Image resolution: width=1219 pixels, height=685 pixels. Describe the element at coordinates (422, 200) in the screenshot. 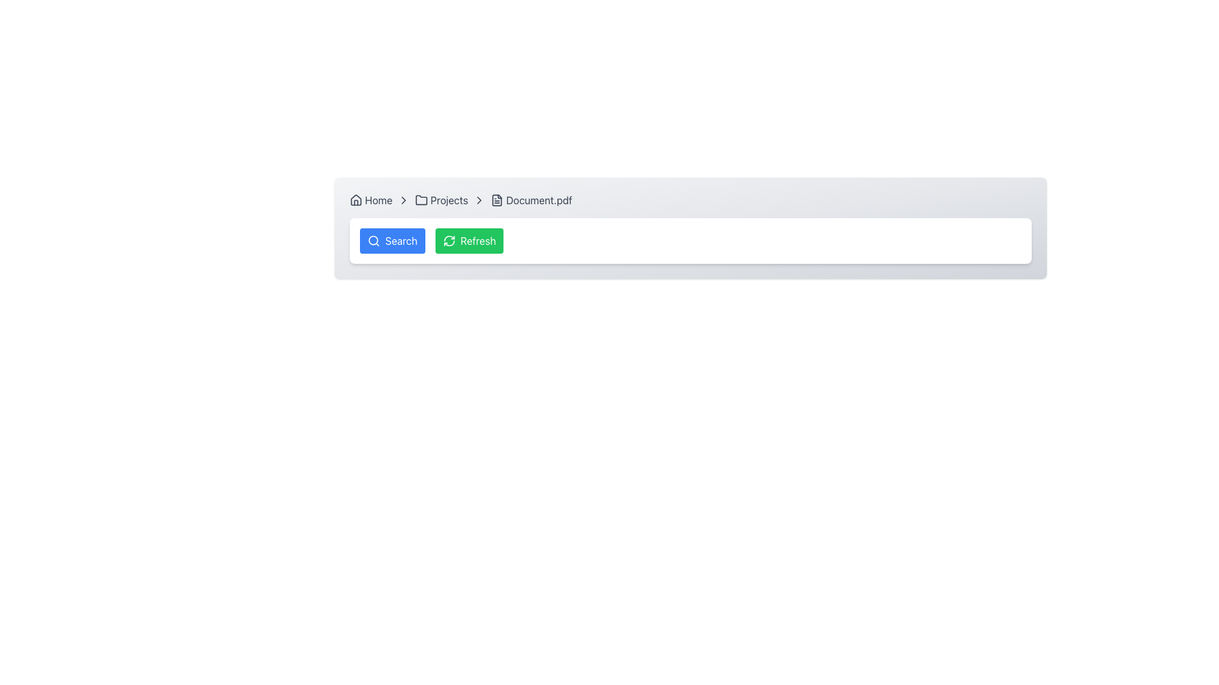

I see `the 'Projects' folder icon located in the breadcrumb navigation bar, which is the icon preceding the 'Projects' label` at that location.